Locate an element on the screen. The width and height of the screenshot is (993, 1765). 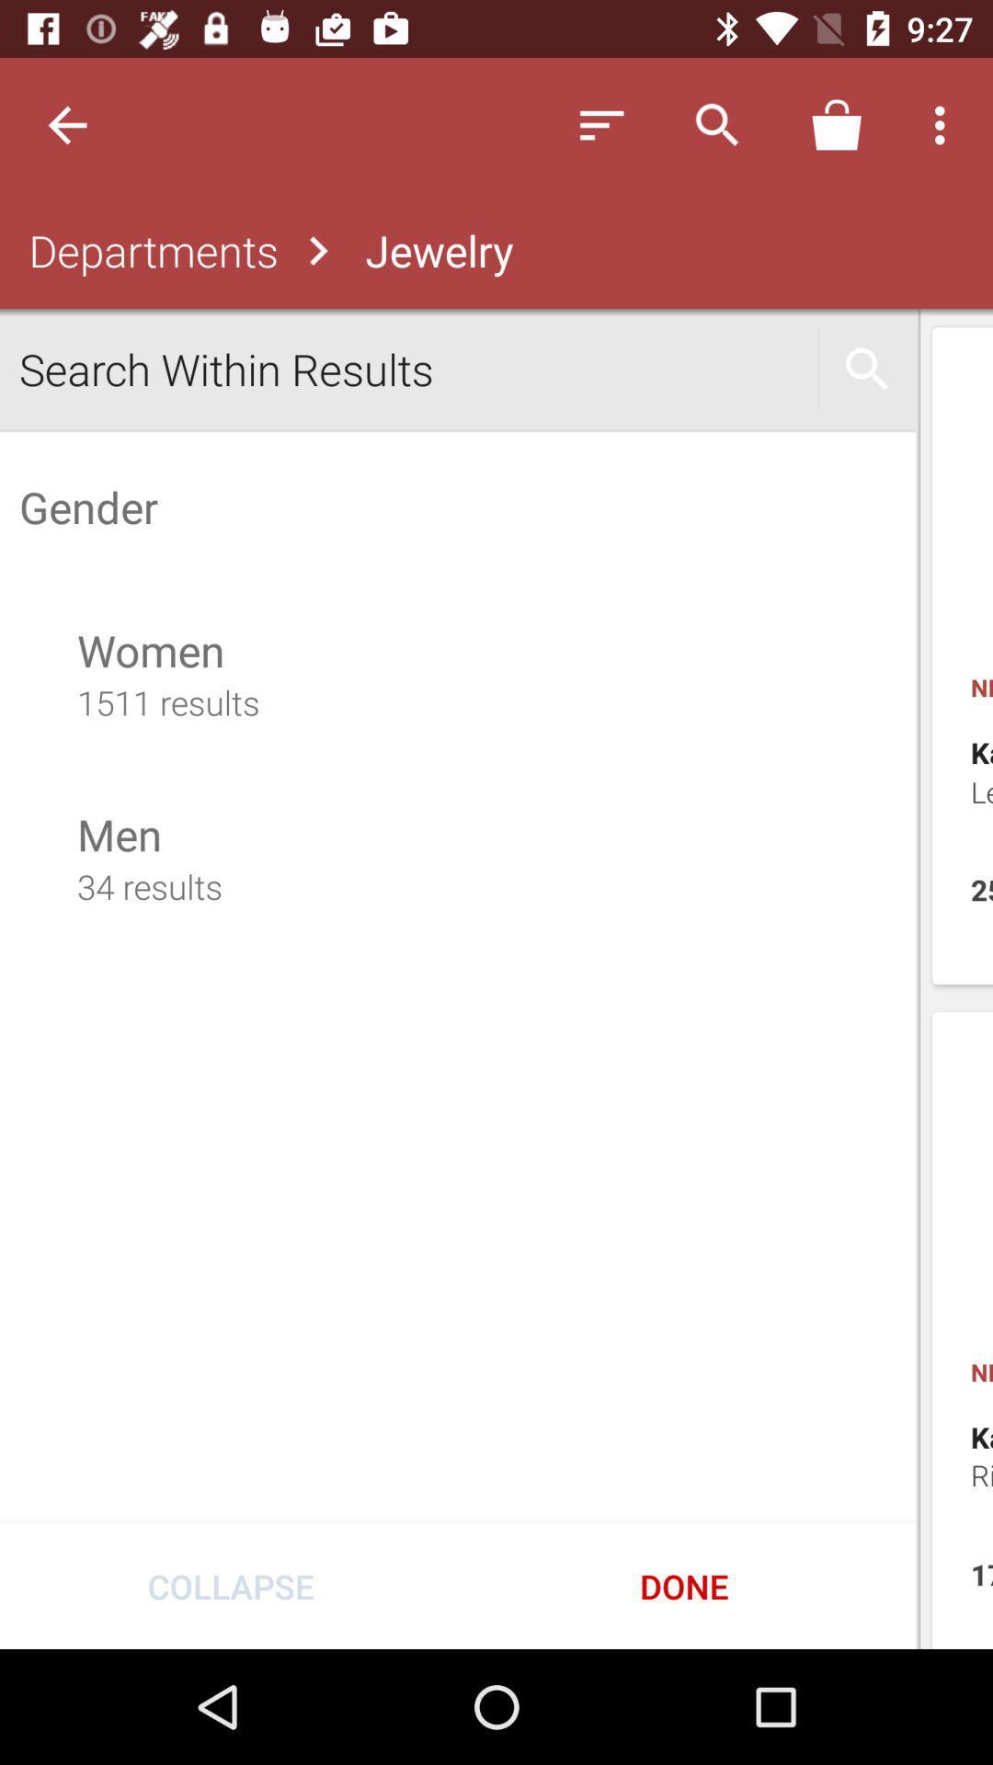
departments is located at coordinates (148, 250).